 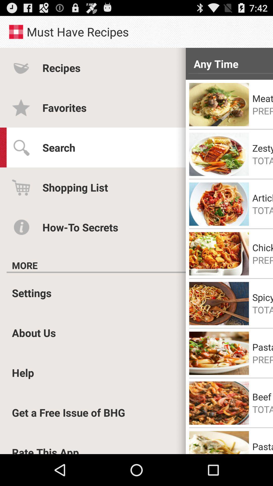 I want to click on about us app, so click(x=34, y=333).